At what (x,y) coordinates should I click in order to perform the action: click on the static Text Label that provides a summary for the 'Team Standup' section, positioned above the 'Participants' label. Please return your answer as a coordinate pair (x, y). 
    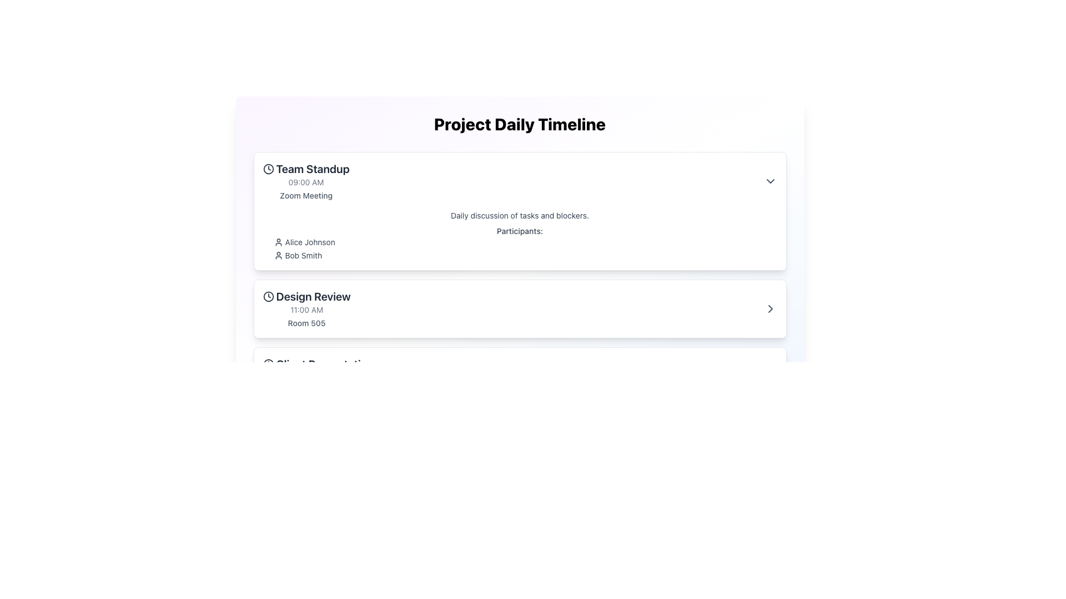
    Looking at the image, I should click on (519, 216).